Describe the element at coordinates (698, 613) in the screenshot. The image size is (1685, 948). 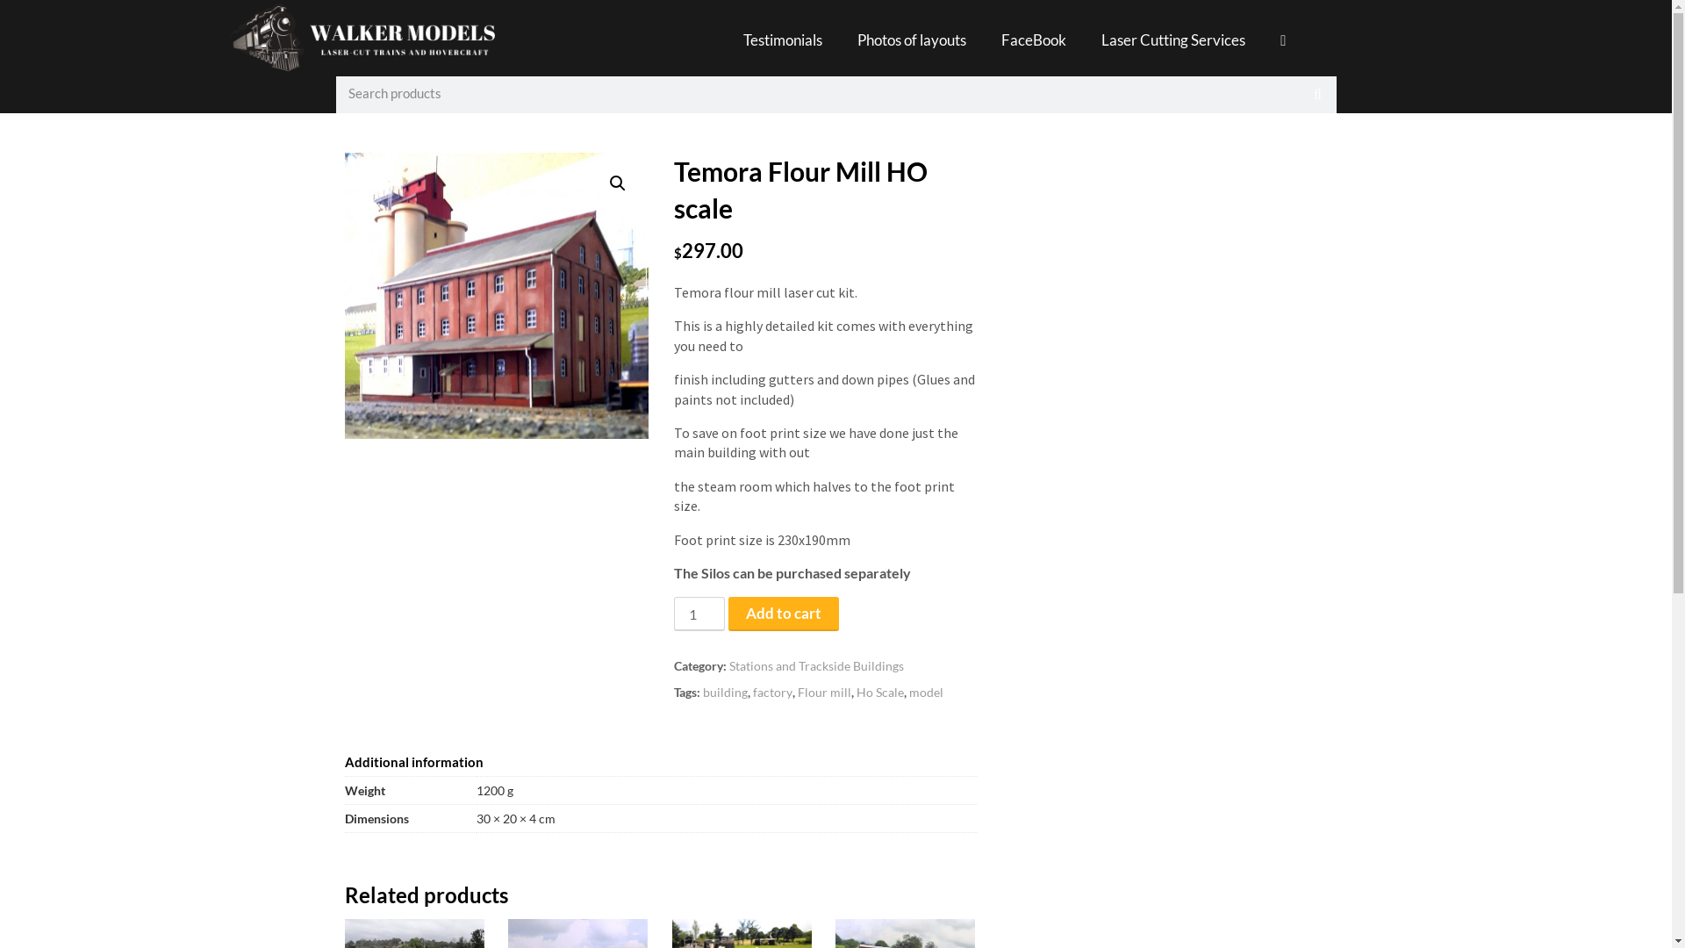
I see `'Qty'` at that location.